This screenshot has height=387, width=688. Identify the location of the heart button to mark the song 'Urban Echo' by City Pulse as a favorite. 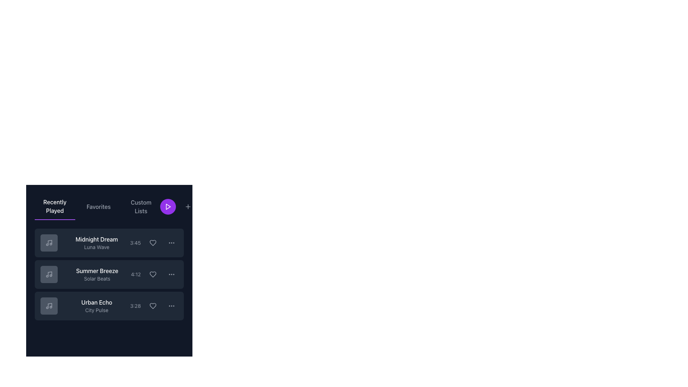
(153, 306).